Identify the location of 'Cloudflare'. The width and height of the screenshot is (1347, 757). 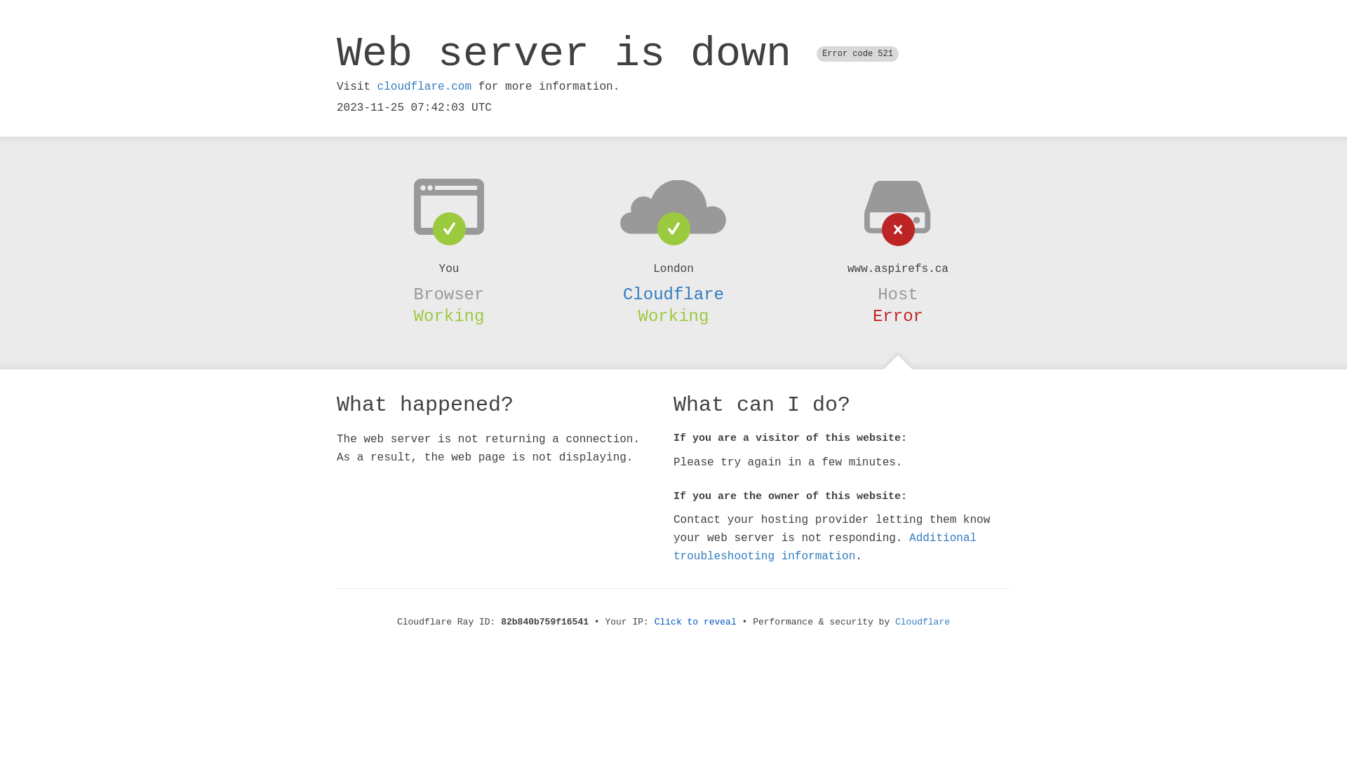
(894, 621).